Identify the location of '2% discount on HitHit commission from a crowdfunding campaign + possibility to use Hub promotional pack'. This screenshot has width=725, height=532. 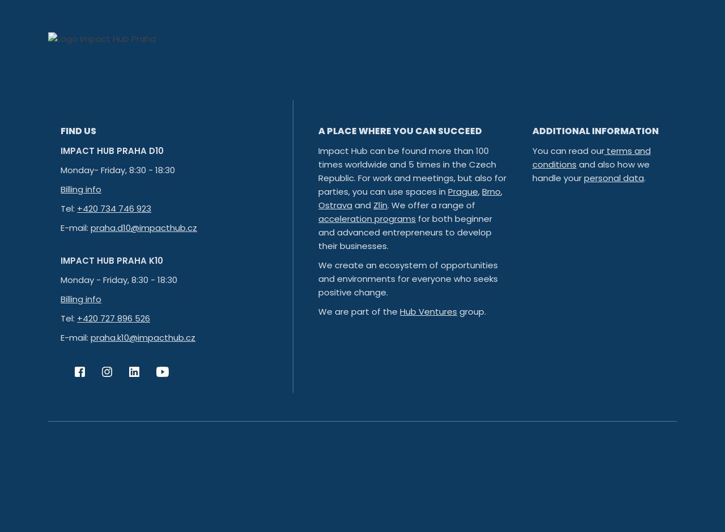
(446, 63).